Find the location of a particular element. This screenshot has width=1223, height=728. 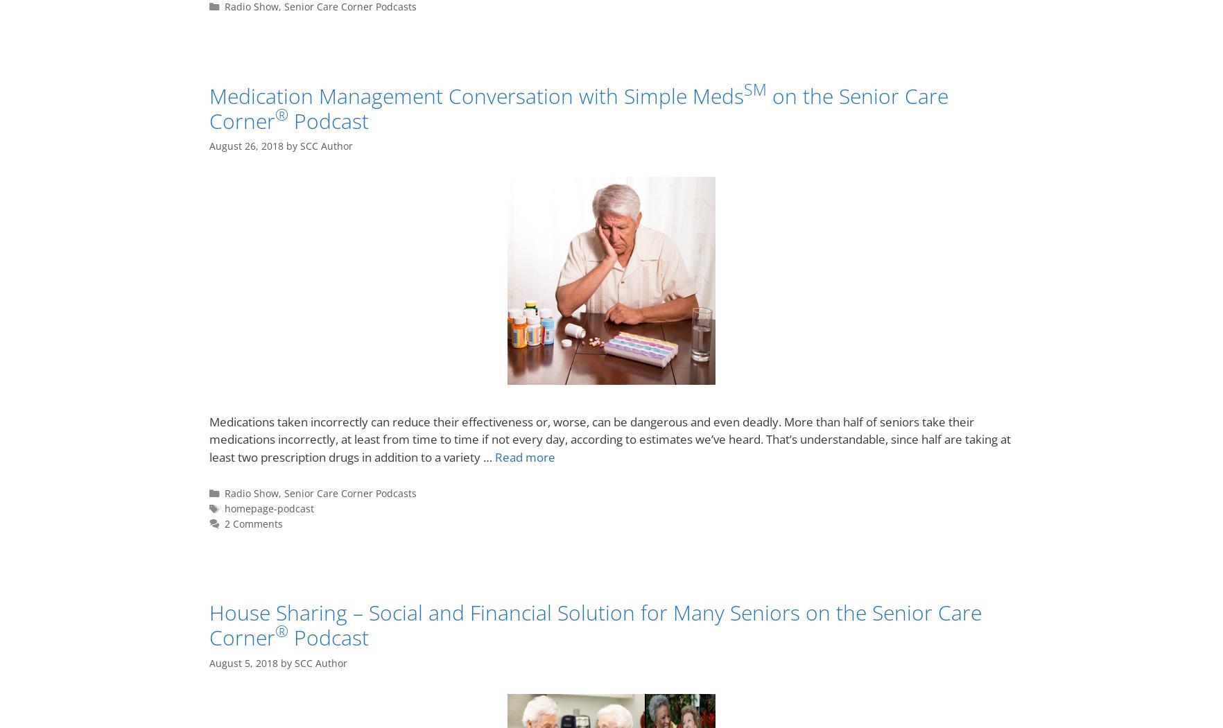

'Medications taken incorrectly can reduce their effectiveness or, worse, can be dangerous and even deadly. More than half of seniors take their medications incorrectly, at least from time to time if not every day, according to estimates we’ve heard. That’s understandable, since half are taking at least two prescription drugs in addition to a variety …' is located at coordinates (610, 439).